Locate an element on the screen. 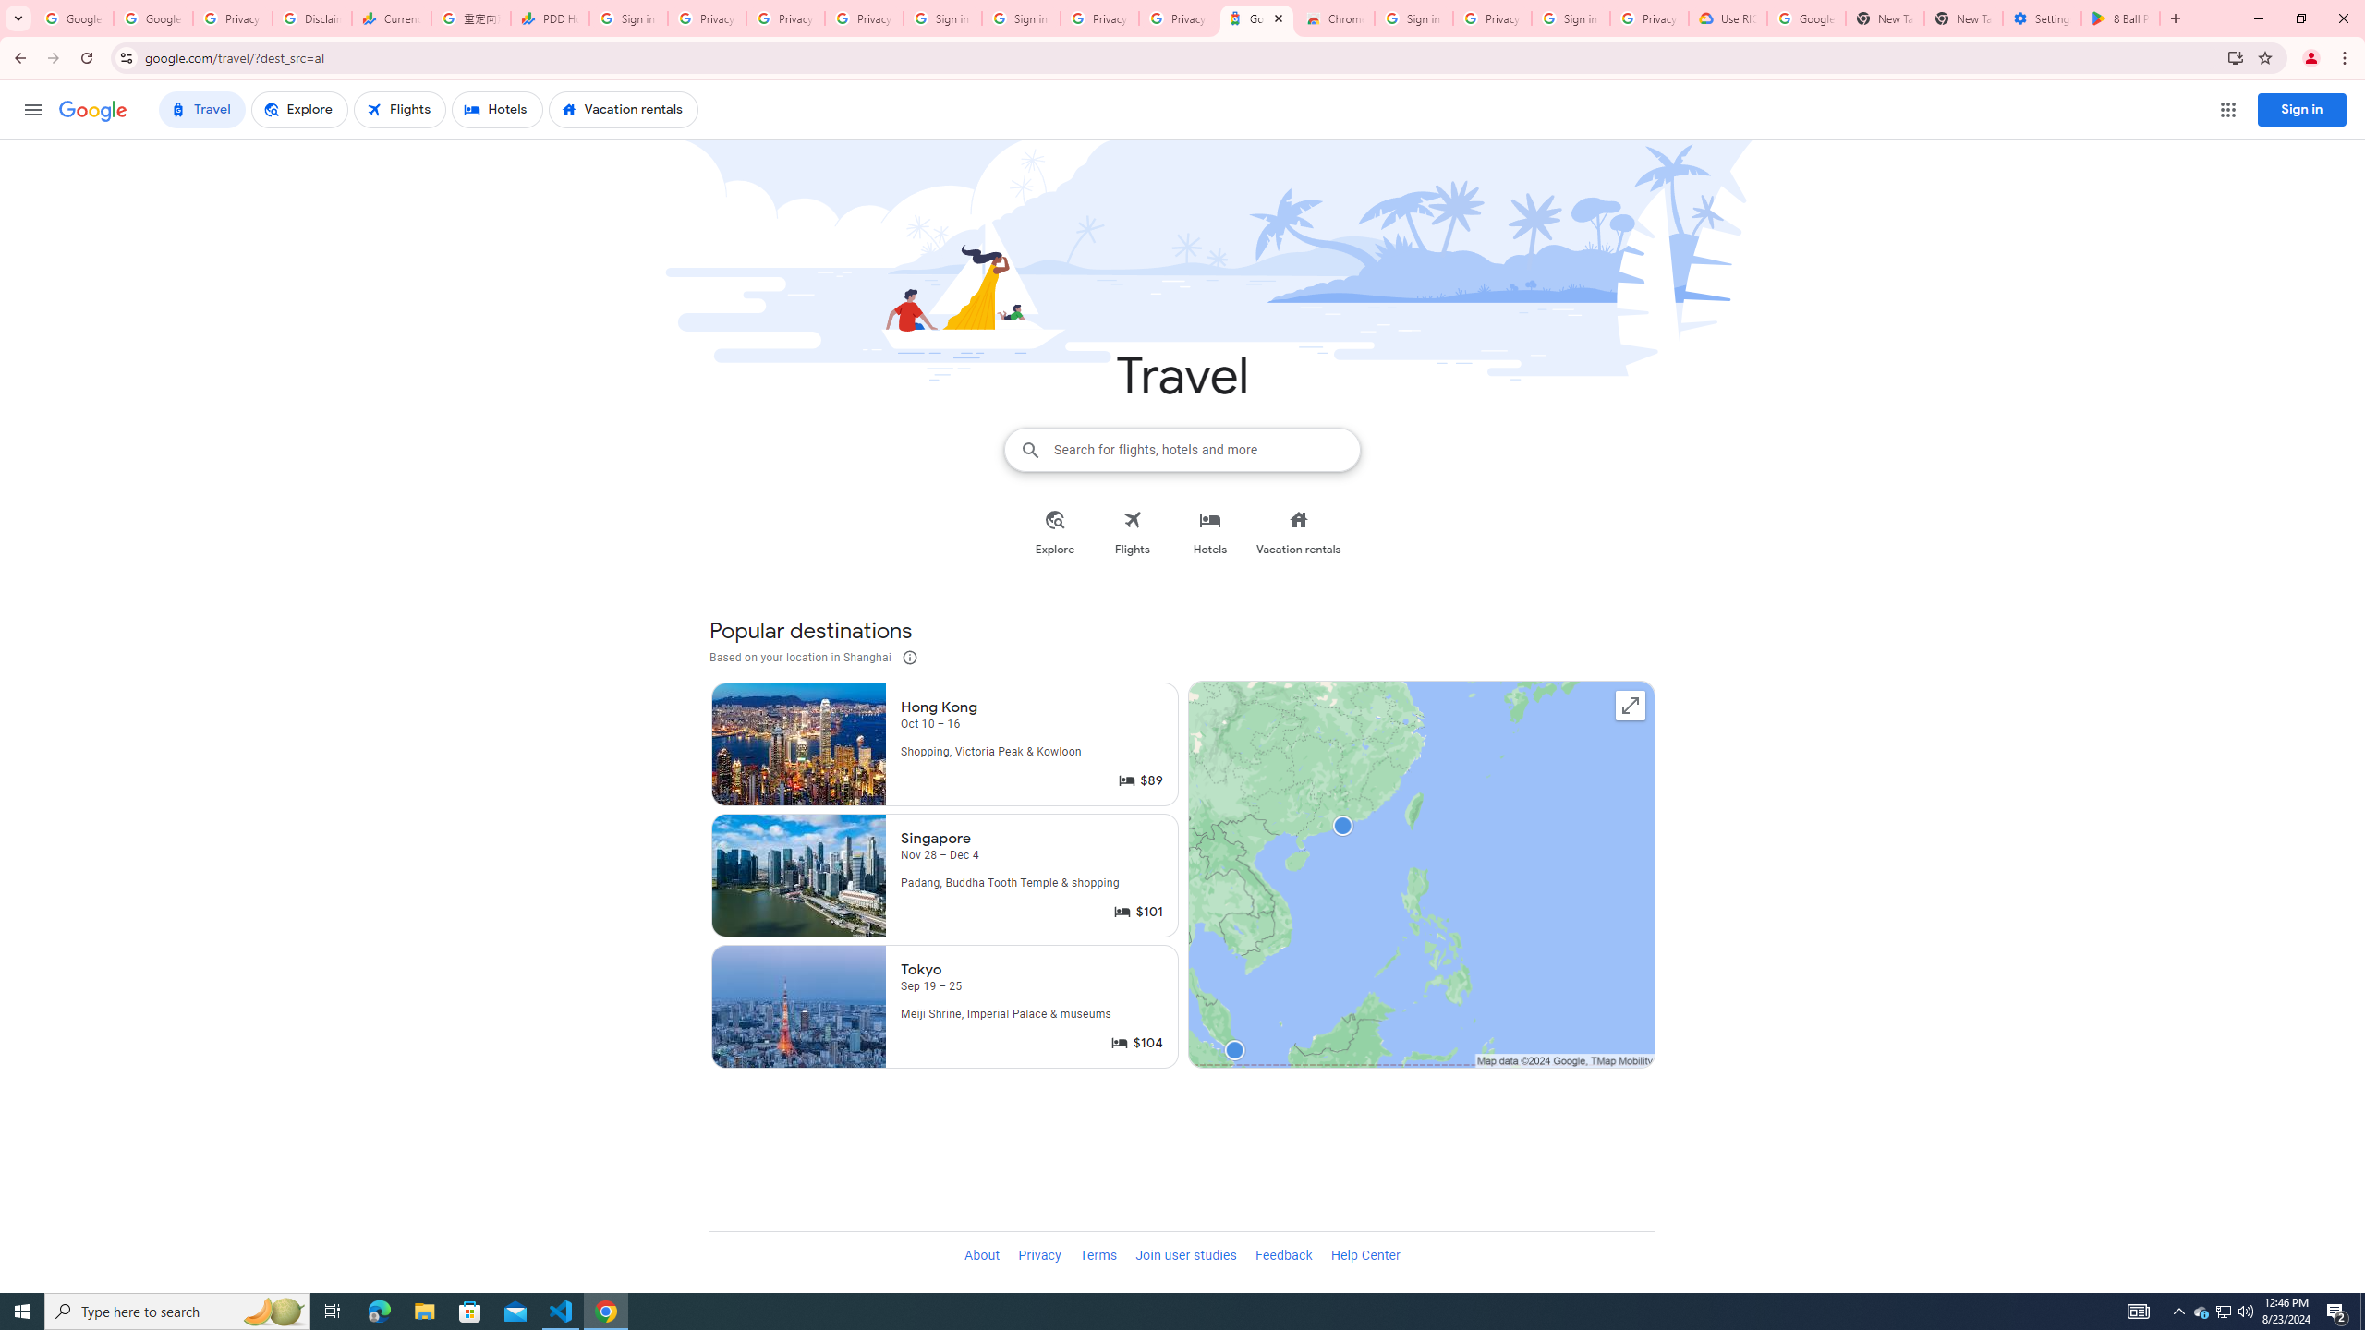 Image resolution: width=2365 pixels, height=1330 pixels. 'Currencies - Google Finance' is located at coordinates (391, 18).